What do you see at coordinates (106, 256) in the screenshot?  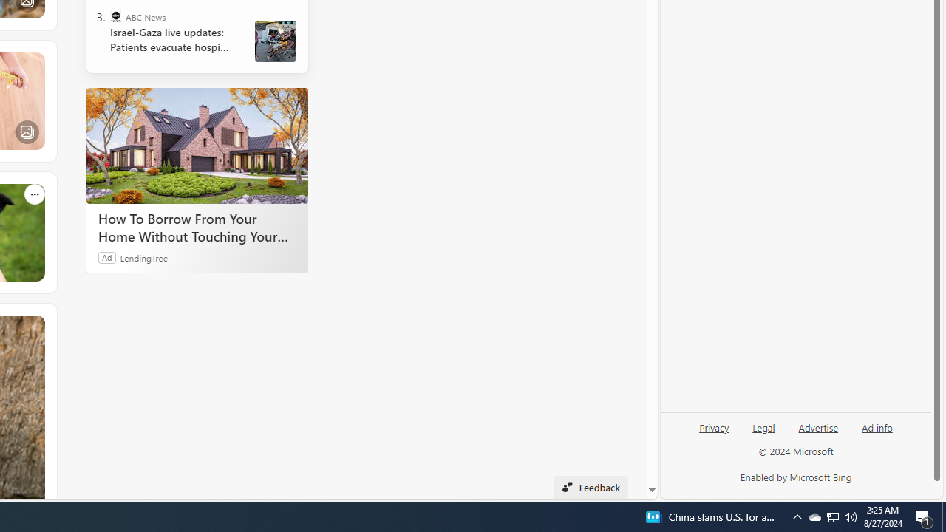 I see `'Ad'` at bounding box center [106, 256].